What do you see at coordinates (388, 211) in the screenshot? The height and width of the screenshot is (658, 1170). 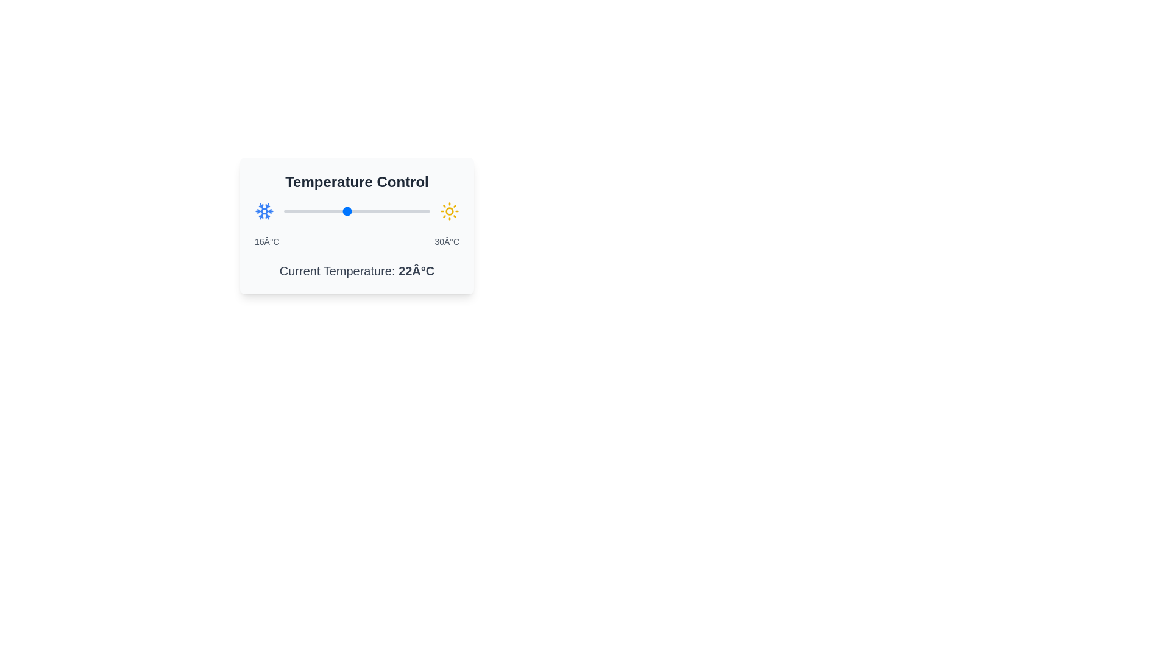 I see `the temperature to 26°C using the slider` at bounding box center [388, 211].